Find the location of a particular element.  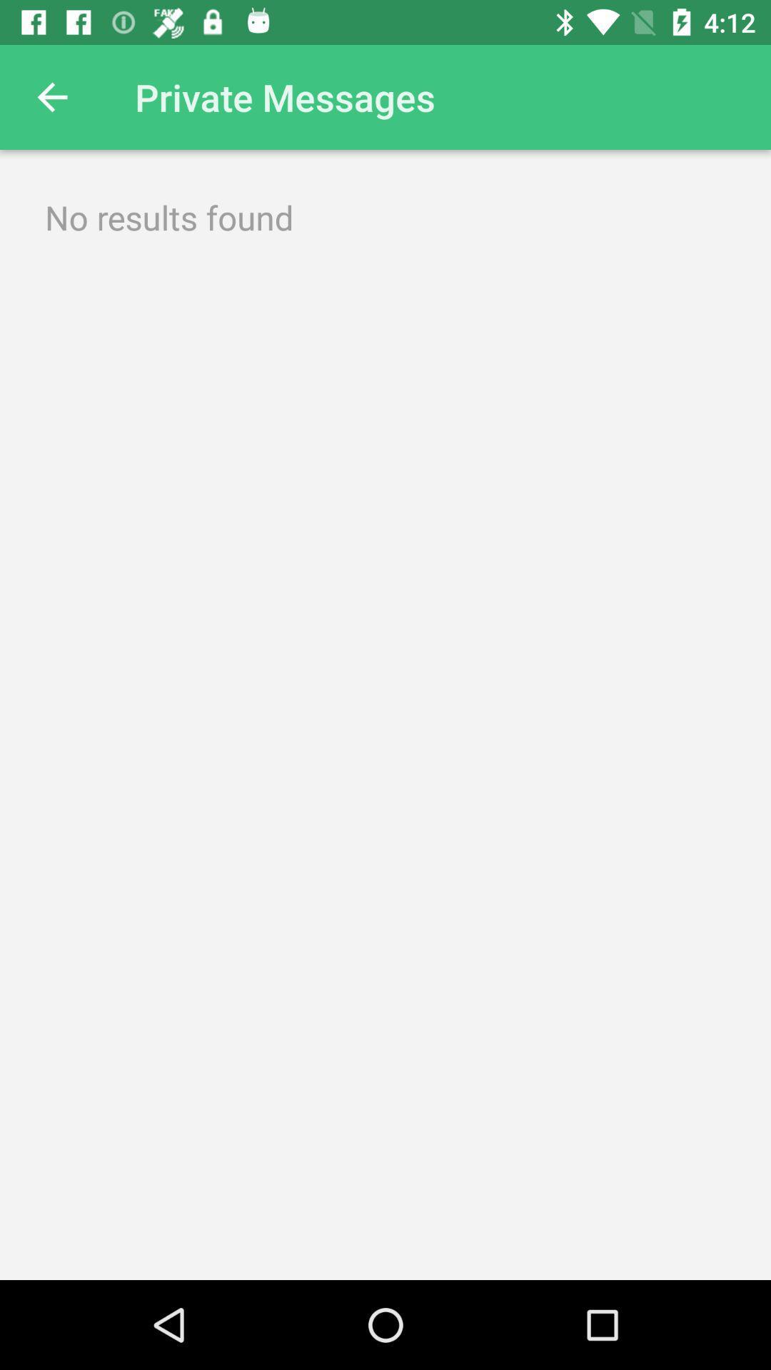

the icon to the left of the private messages is located at coordinates (51, 96).